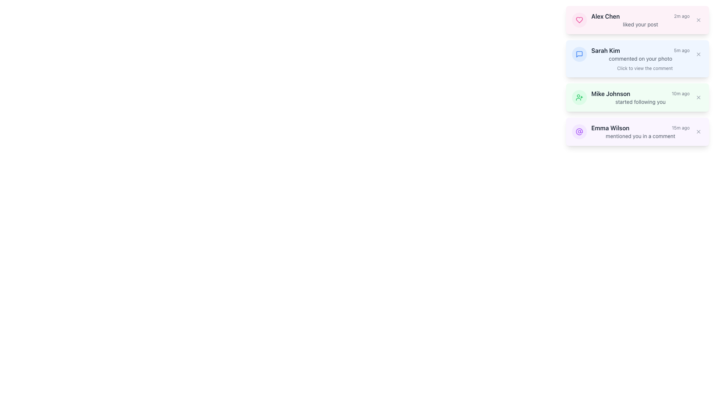  Describe the element at coordinates (606, 50) in the screenshot. I see `the Text label that displays the name of the individual related to the notification, located within the second notification card from the top, to the immediate left of the timestamp '5m ago'` at that location.